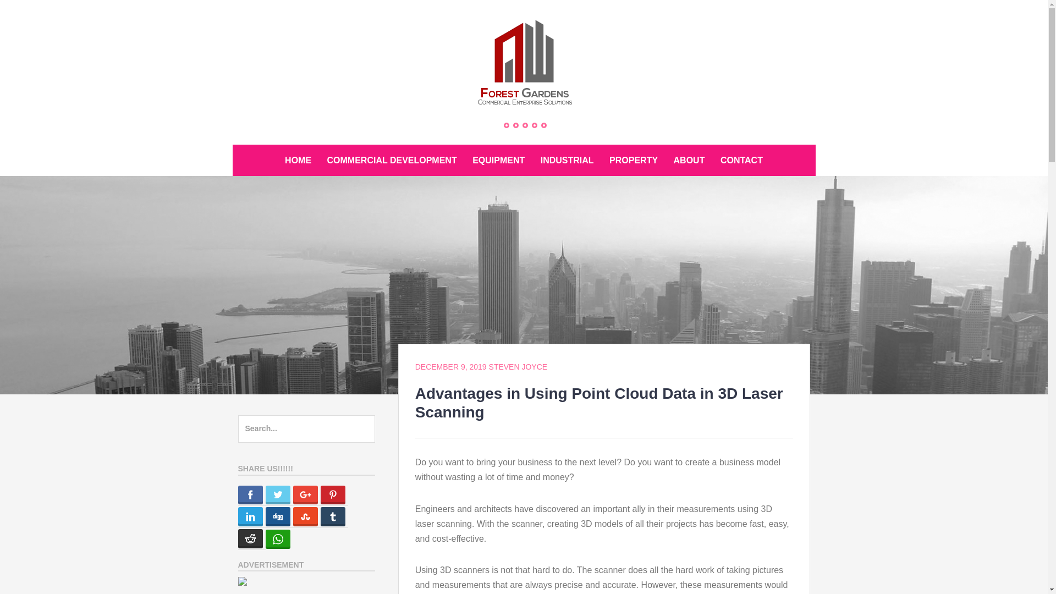 This screenshot has width=1056, height=594. I want to click on 'Search for:', so click(306, 428).